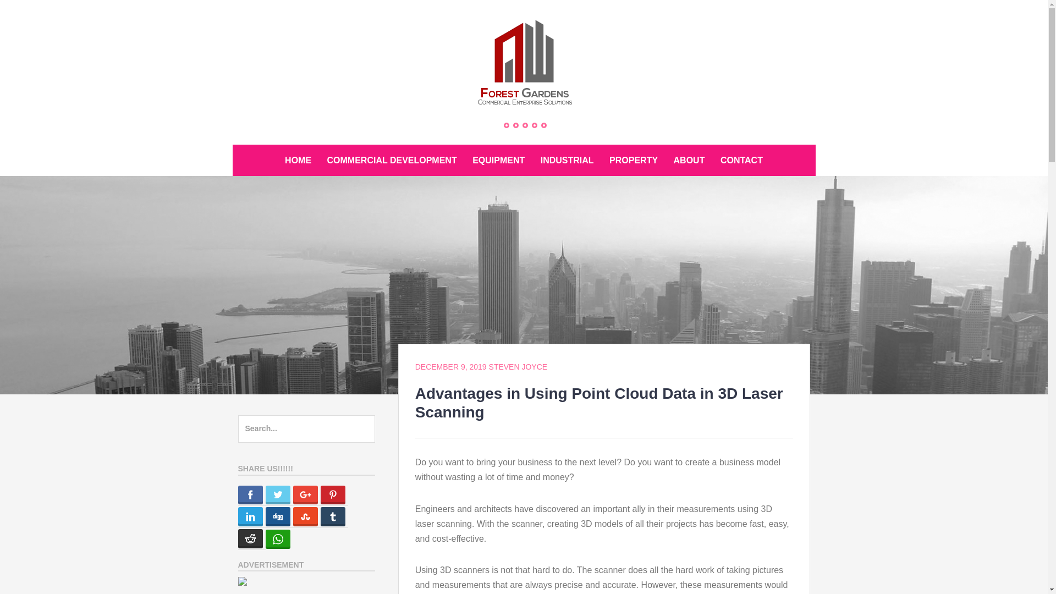 This screenshot has width=1056, height=594. I want to click on 'Search for:', so click(306, 428).